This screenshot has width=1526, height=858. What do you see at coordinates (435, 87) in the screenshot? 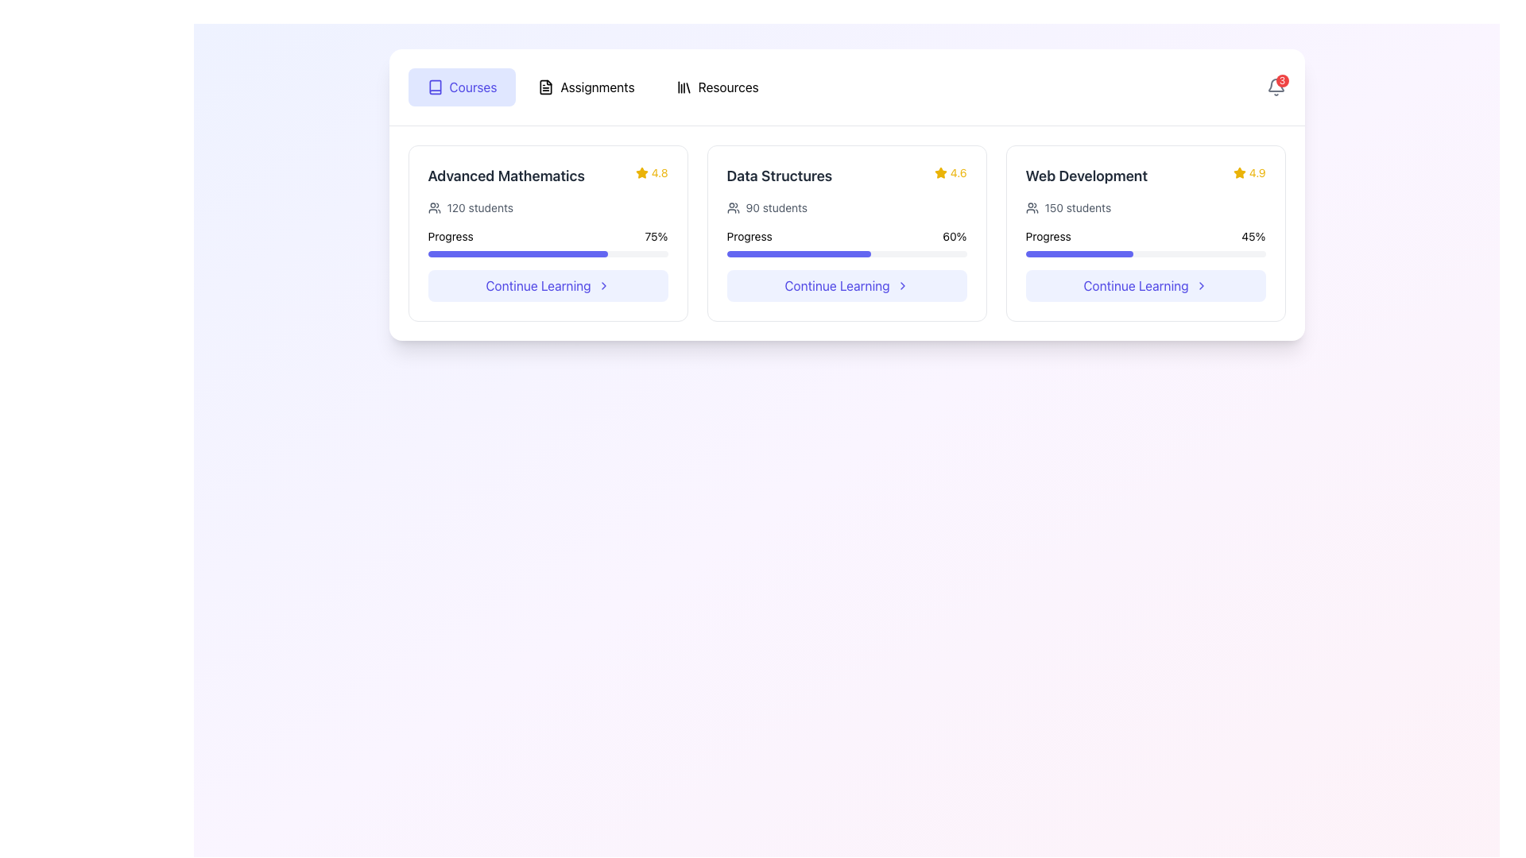
I see `the book icon located in the navigation menu next to the 'Courses' tab label at the top-left section of the interface` at bounding box center [435, 87].